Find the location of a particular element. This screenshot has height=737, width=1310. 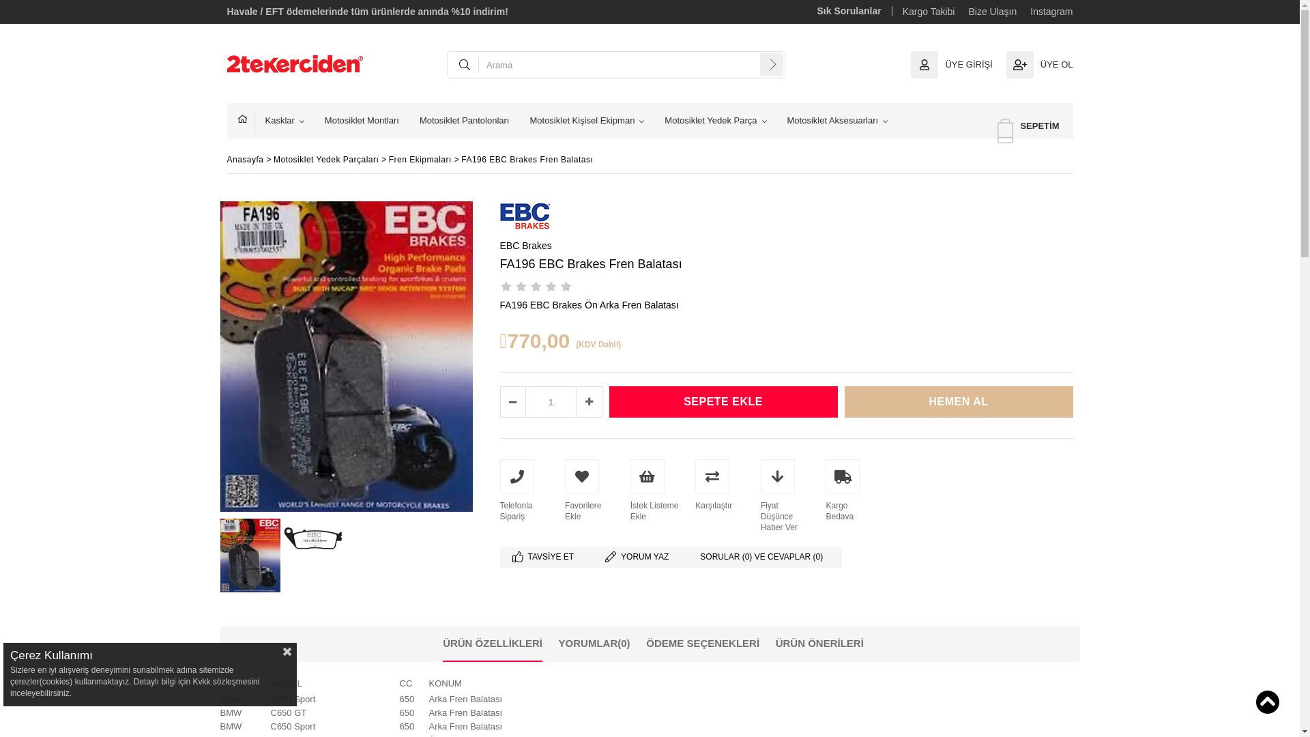

'TAVSIYE ET' is located at coordinates (546, 557).